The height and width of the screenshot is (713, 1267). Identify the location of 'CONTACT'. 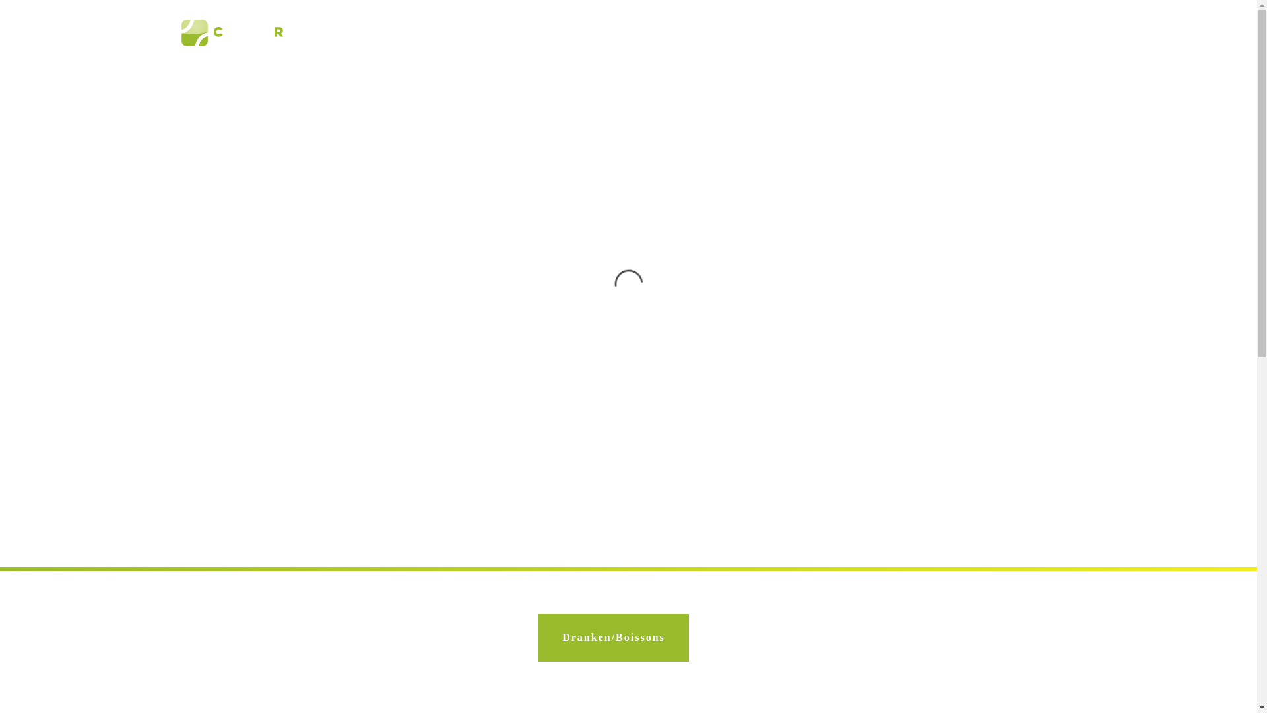
(1036, 32).